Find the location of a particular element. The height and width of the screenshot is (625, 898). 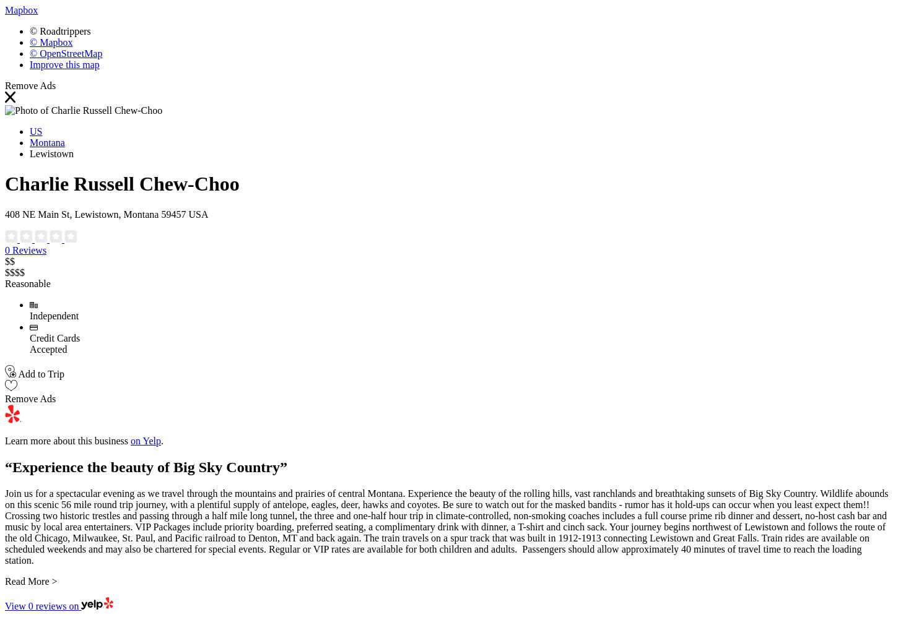

'Learn more about this business' is located at coordinates (68, 440).